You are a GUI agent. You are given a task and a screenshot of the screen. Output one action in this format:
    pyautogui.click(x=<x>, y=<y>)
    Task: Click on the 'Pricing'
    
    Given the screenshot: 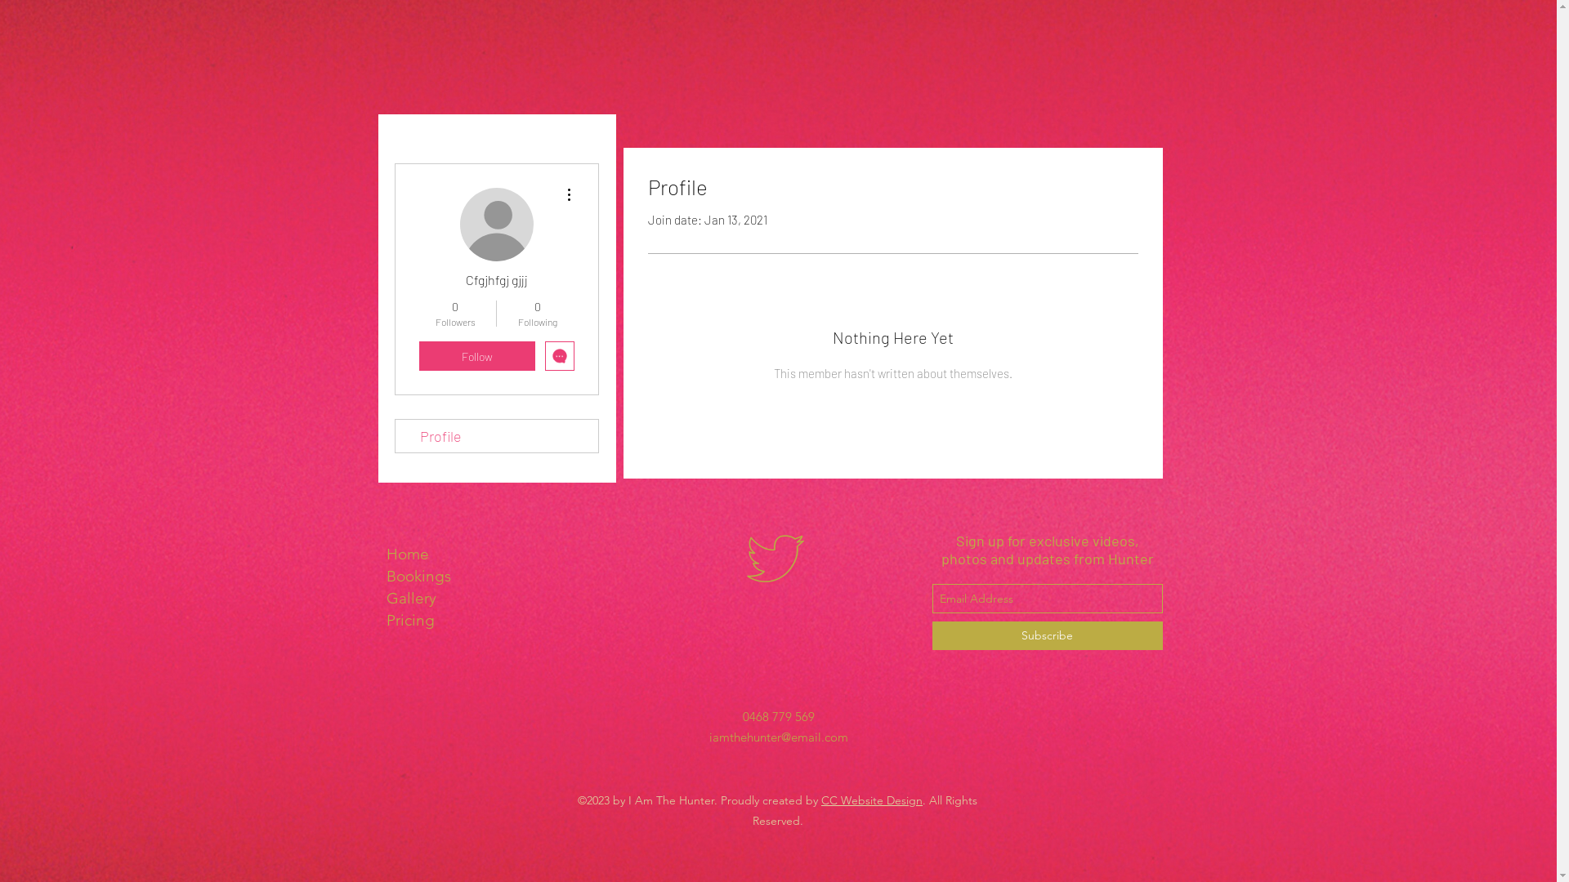 What is the action you would take?
    pyautogui.click(x=458, y=620)
    